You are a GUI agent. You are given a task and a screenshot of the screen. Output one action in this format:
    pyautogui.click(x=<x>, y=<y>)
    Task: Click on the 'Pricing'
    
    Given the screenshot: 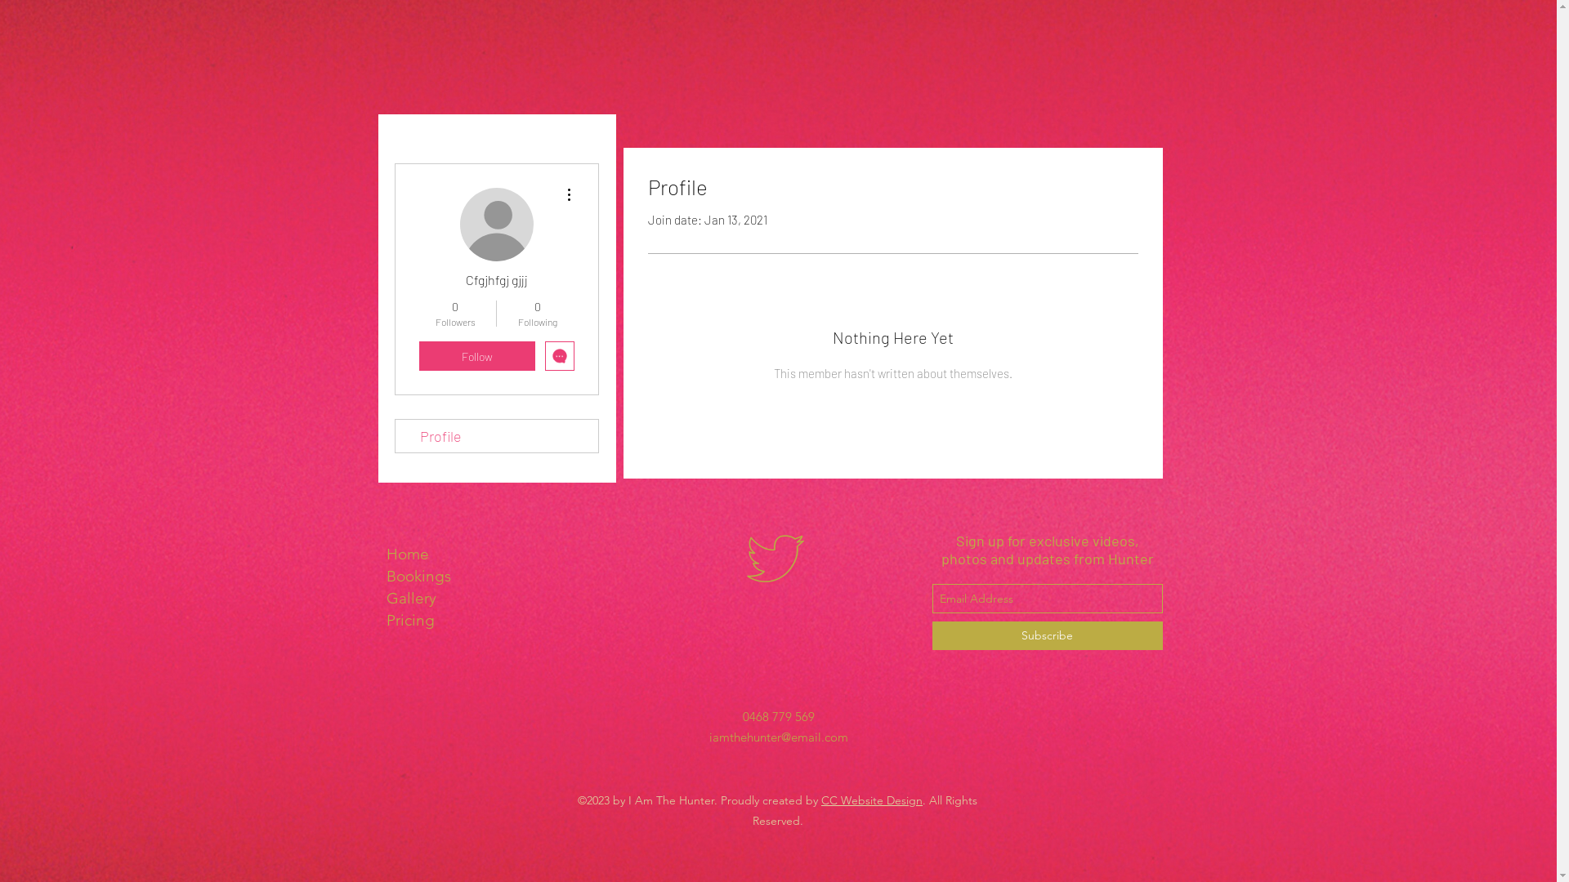 What is the action you would take?
    pyautogui.click(x=458, y=620)
    